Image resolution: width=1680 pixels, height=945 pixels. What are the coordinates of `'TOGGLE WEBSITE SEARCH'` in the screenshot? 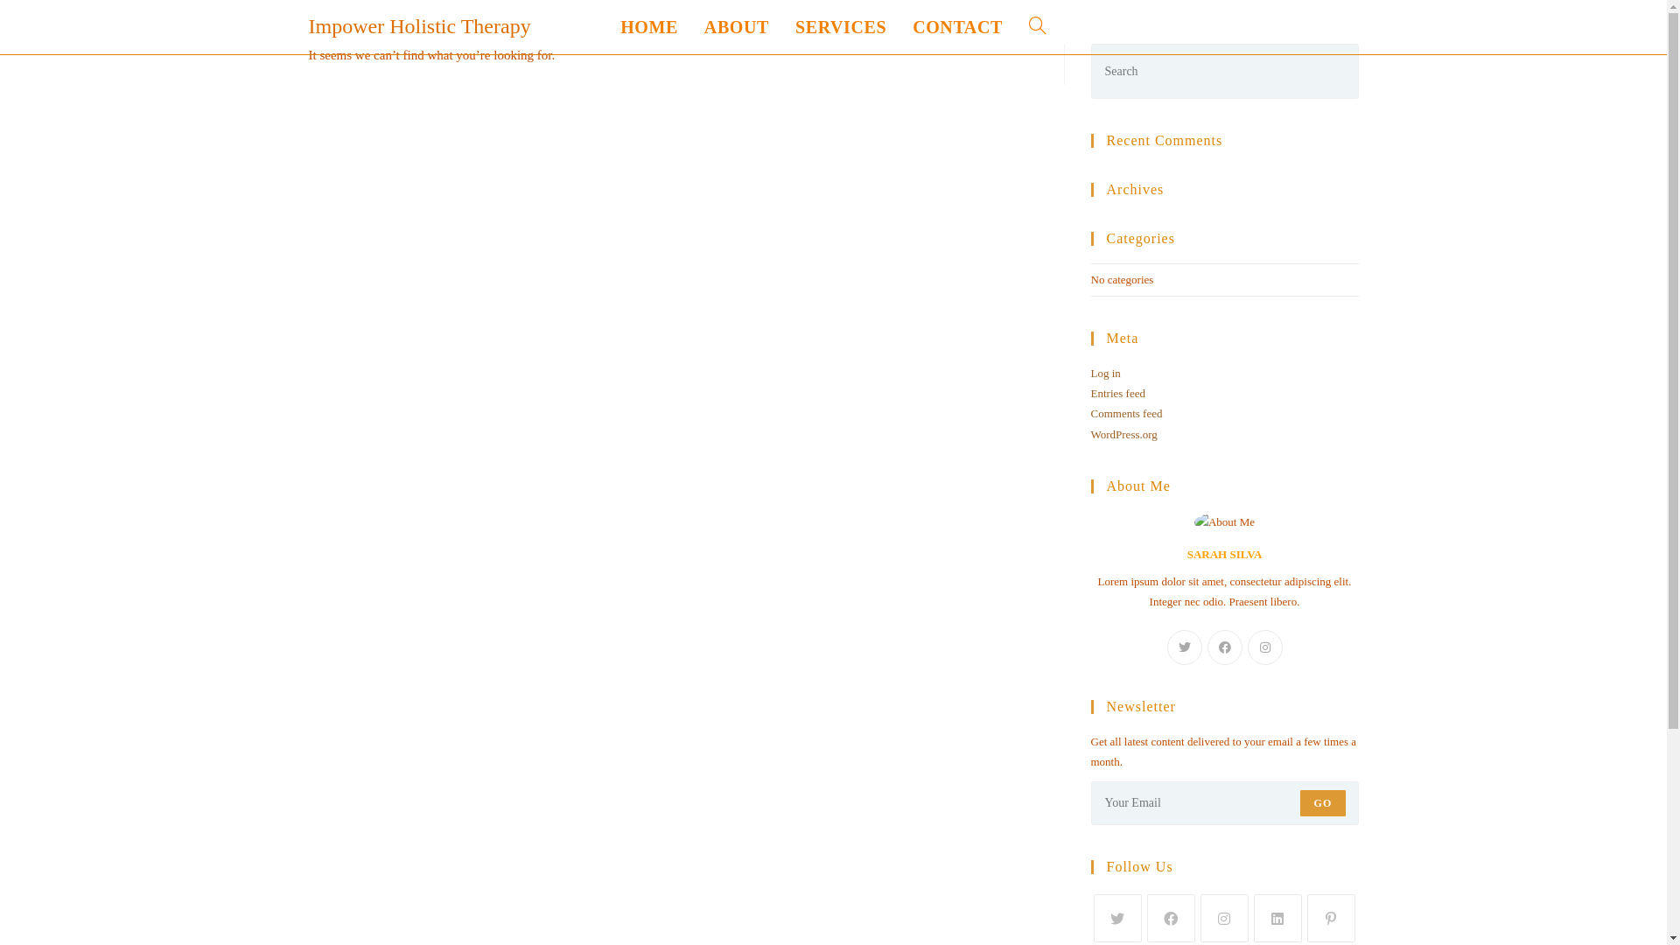 It's located at (1037, 26).